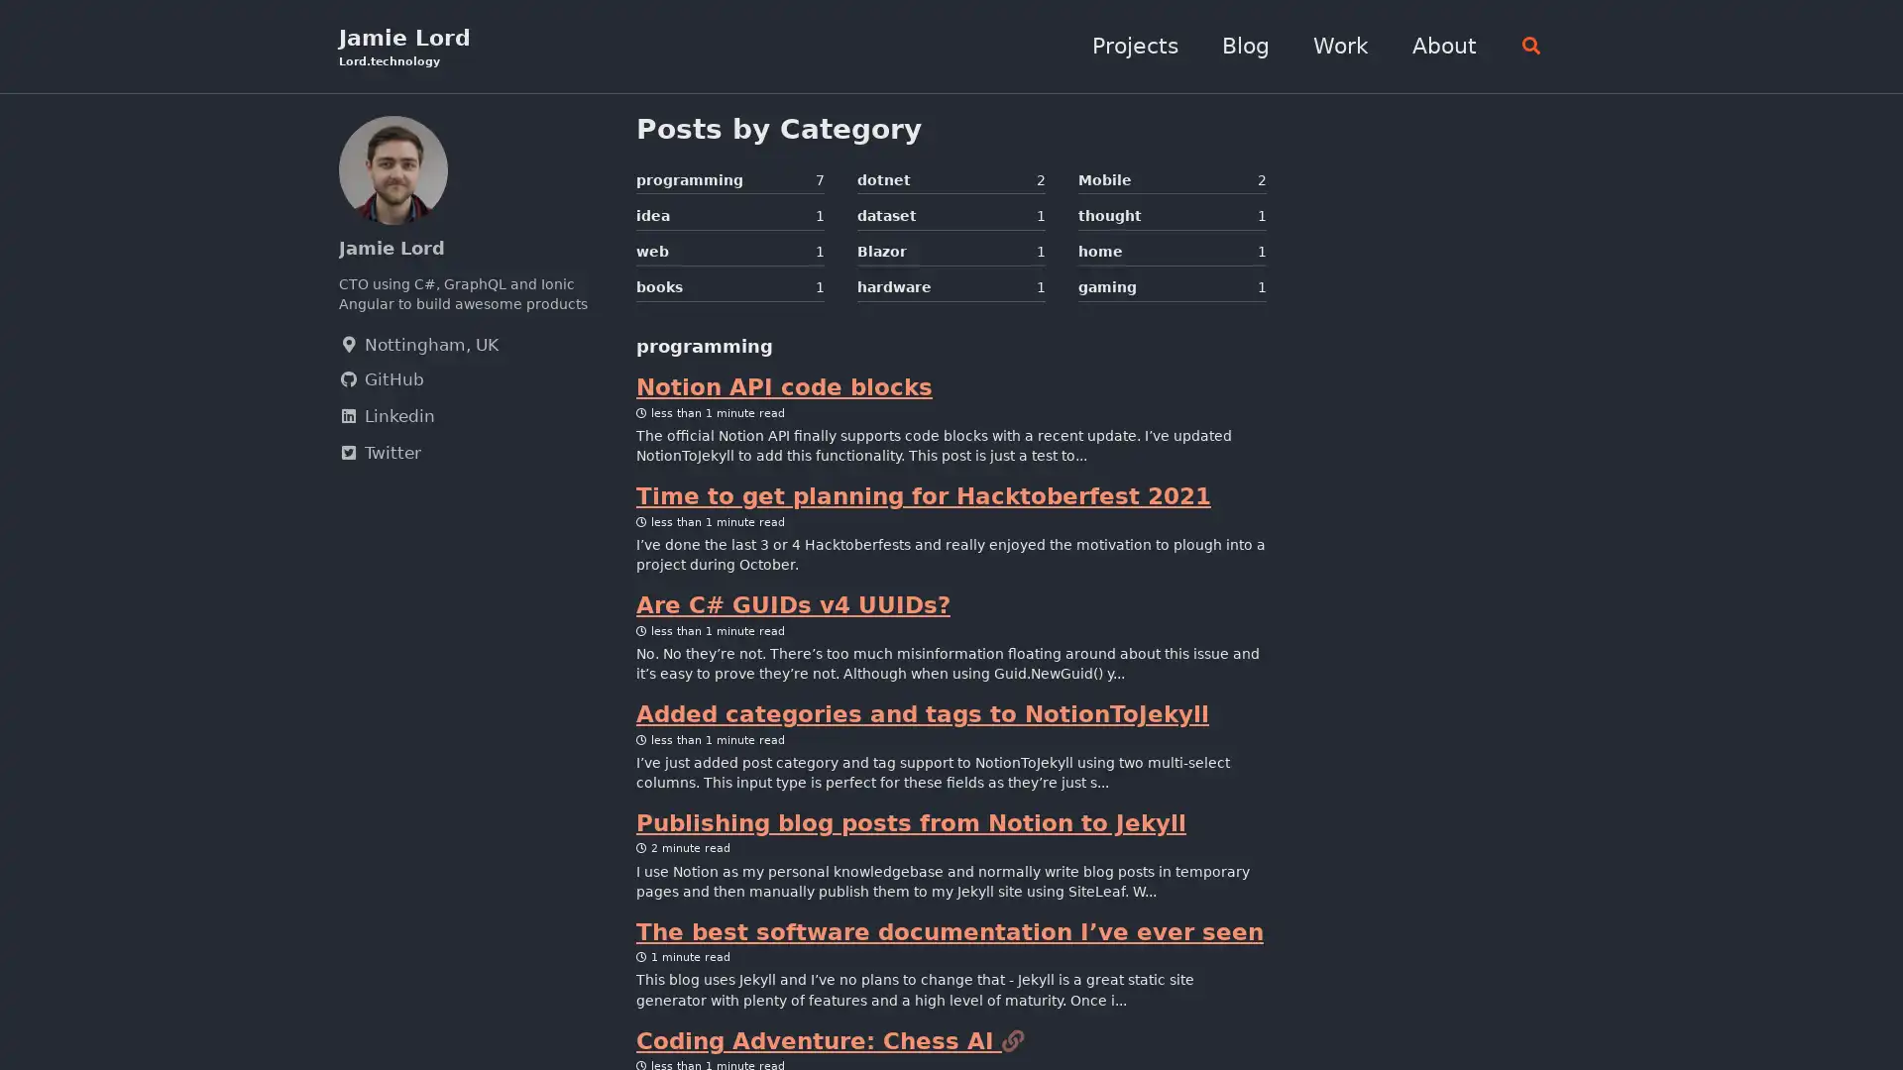 The height and width of the screenshot is (1070, 1903). What do you see at coordinates (1524, 46) in the screenshot?
I see `Toggle search` at bounding box center [1524, 46].